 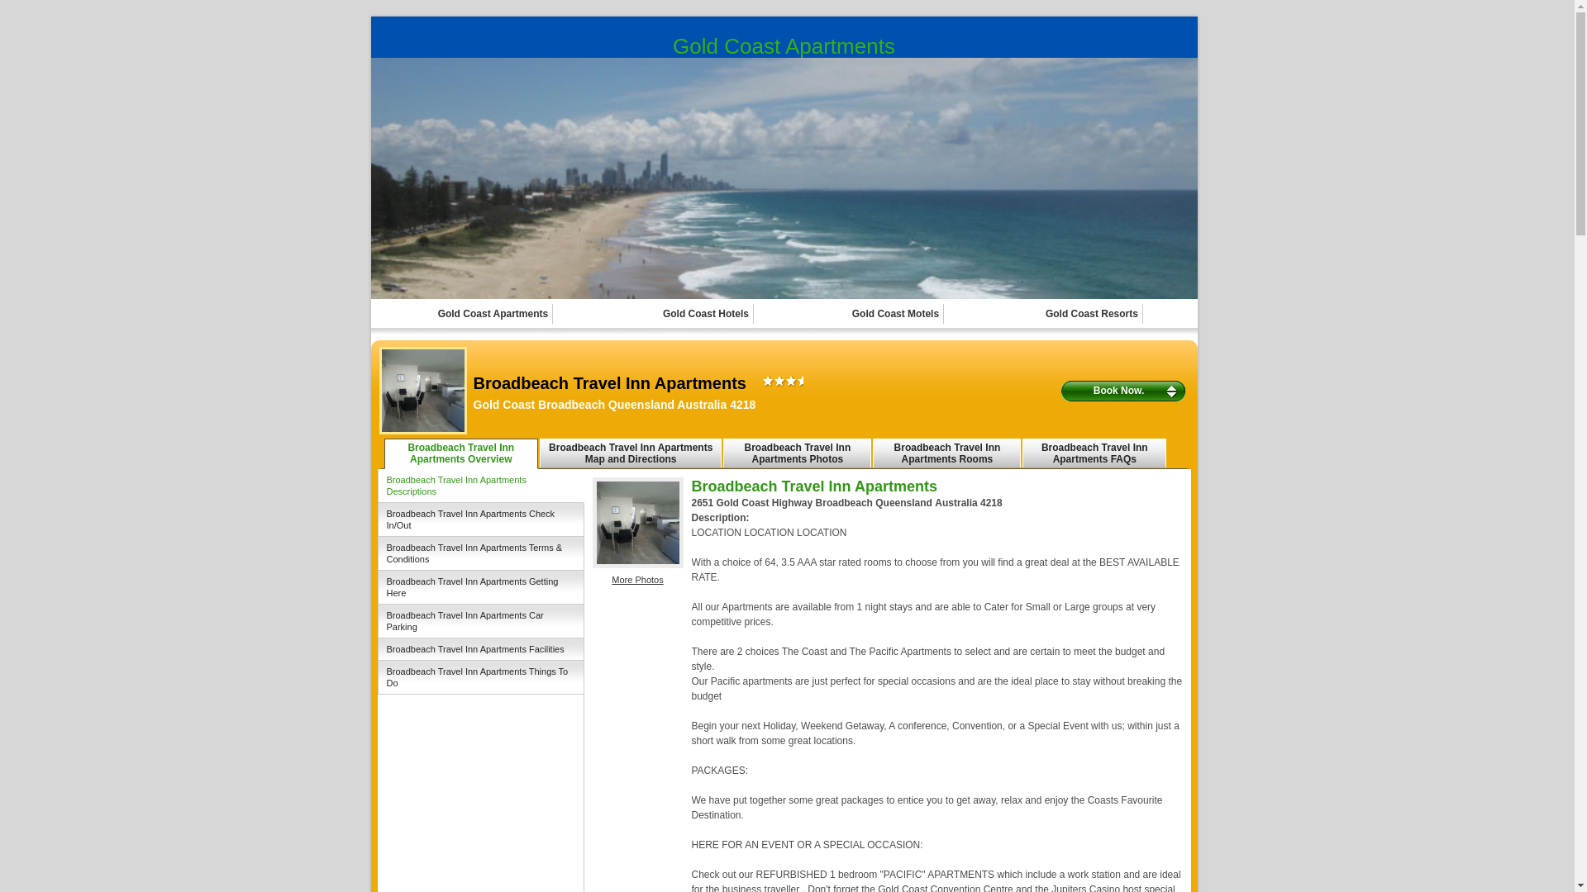 What do you see at coordinates (479, 677) in the screenshot?
I see `'Broadbeach Travel Inn Apartments Things To Do'` at bounding box center [479, 677].